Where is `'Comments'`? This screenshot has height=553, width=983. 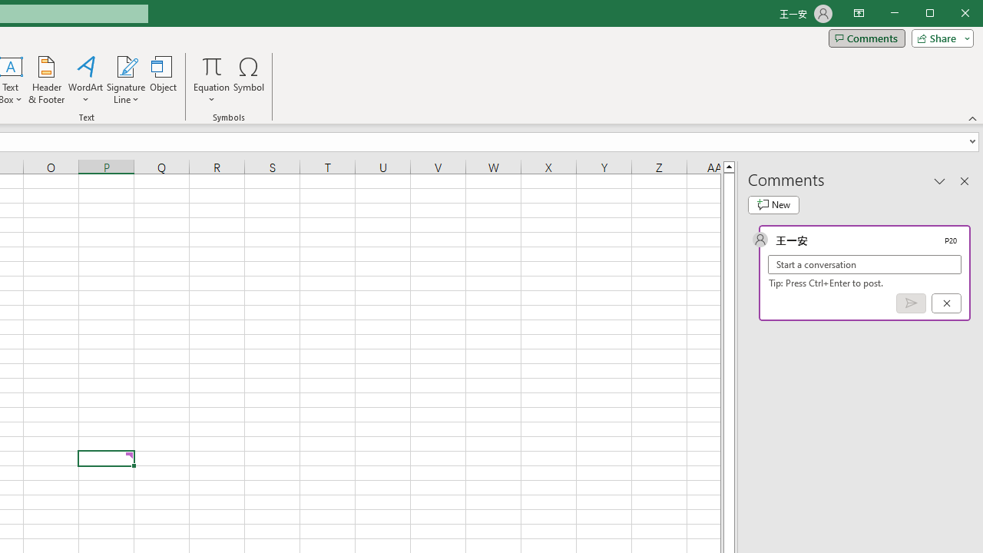
'Comments' is located at coordinates (866, 38).